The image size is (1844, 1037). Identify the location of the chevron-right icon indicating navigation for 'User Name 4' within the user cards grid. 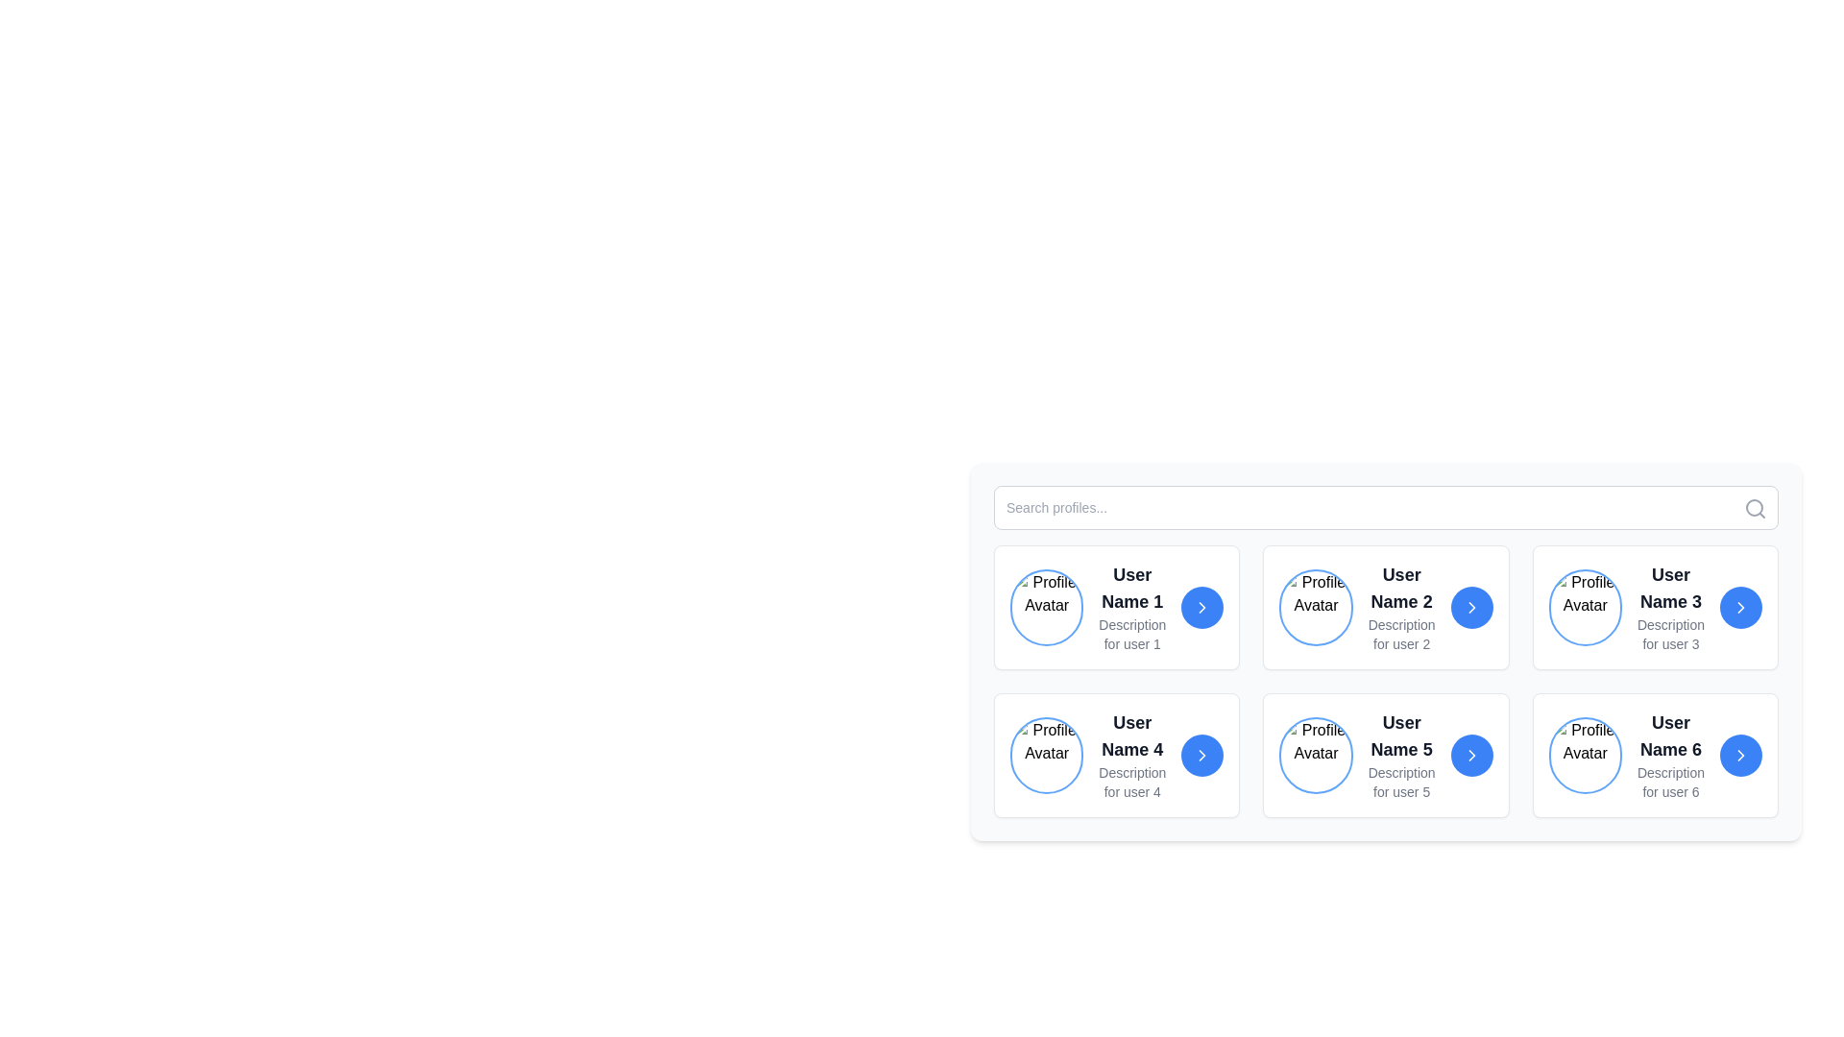
(1201, 754).